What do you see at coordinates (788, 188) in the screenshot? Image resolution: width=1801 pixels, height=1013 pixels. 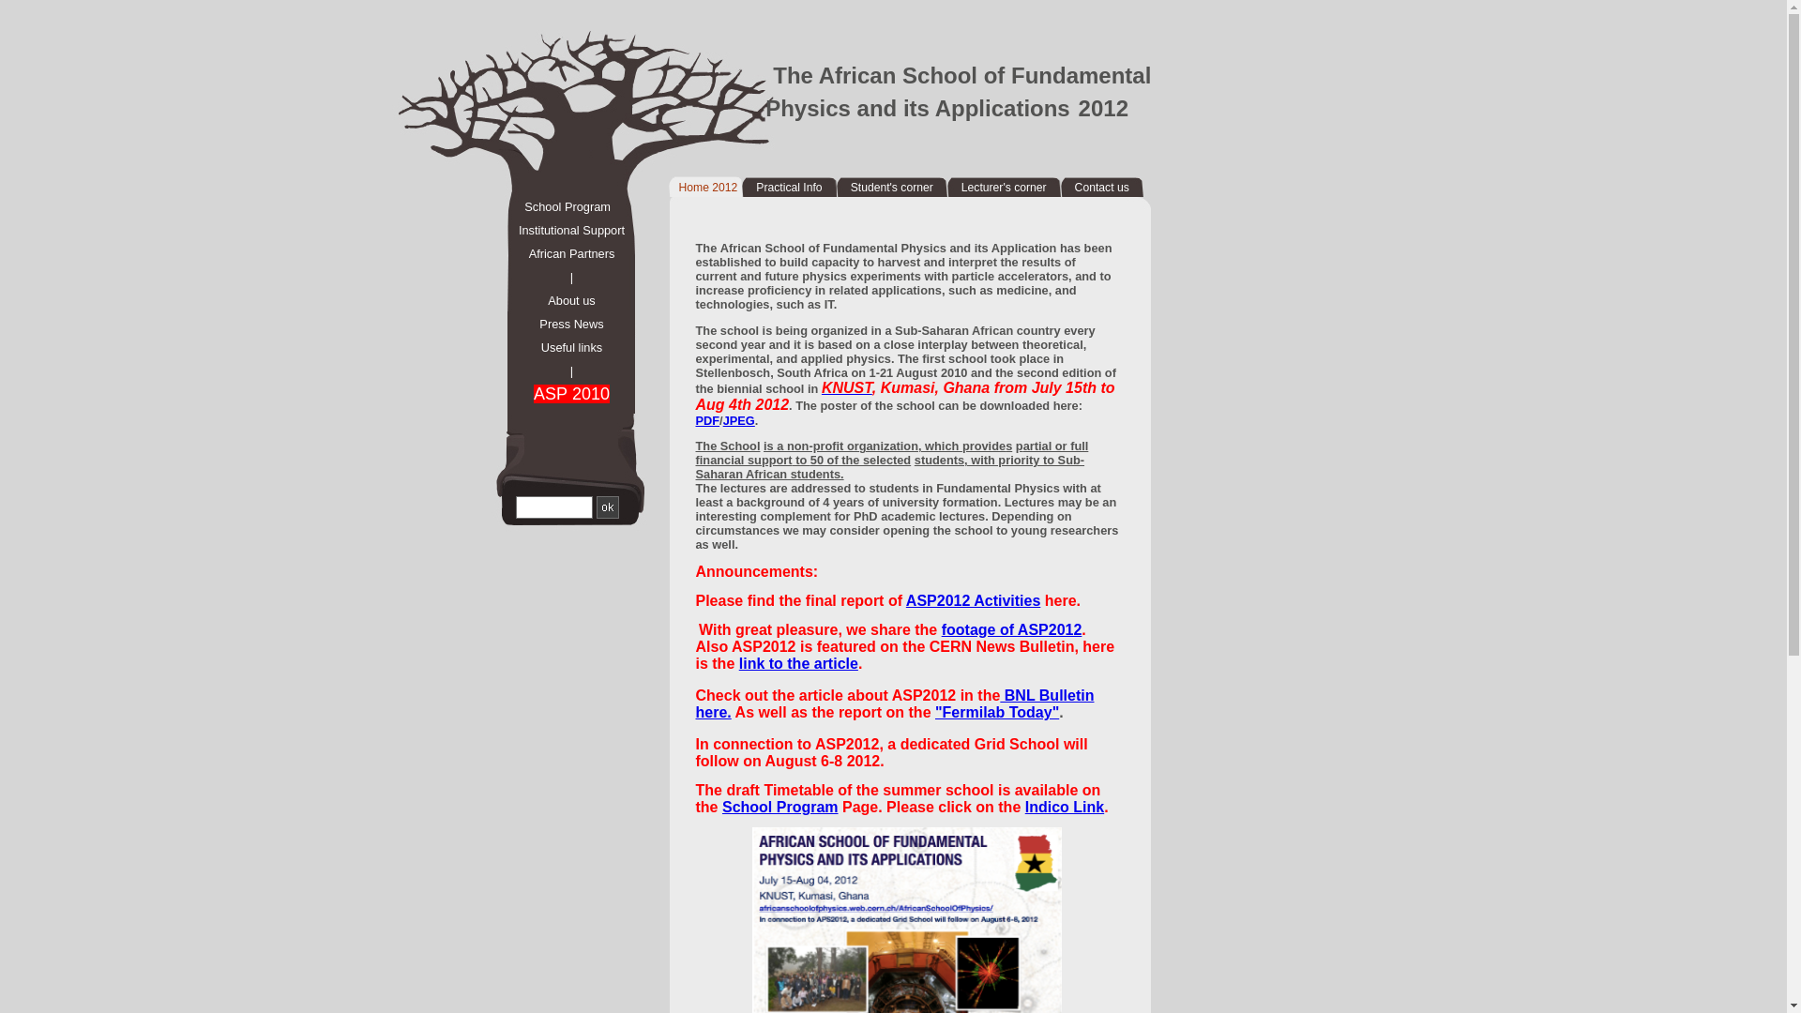 I see `'Practical Info'` at bounding box center [788, 188].